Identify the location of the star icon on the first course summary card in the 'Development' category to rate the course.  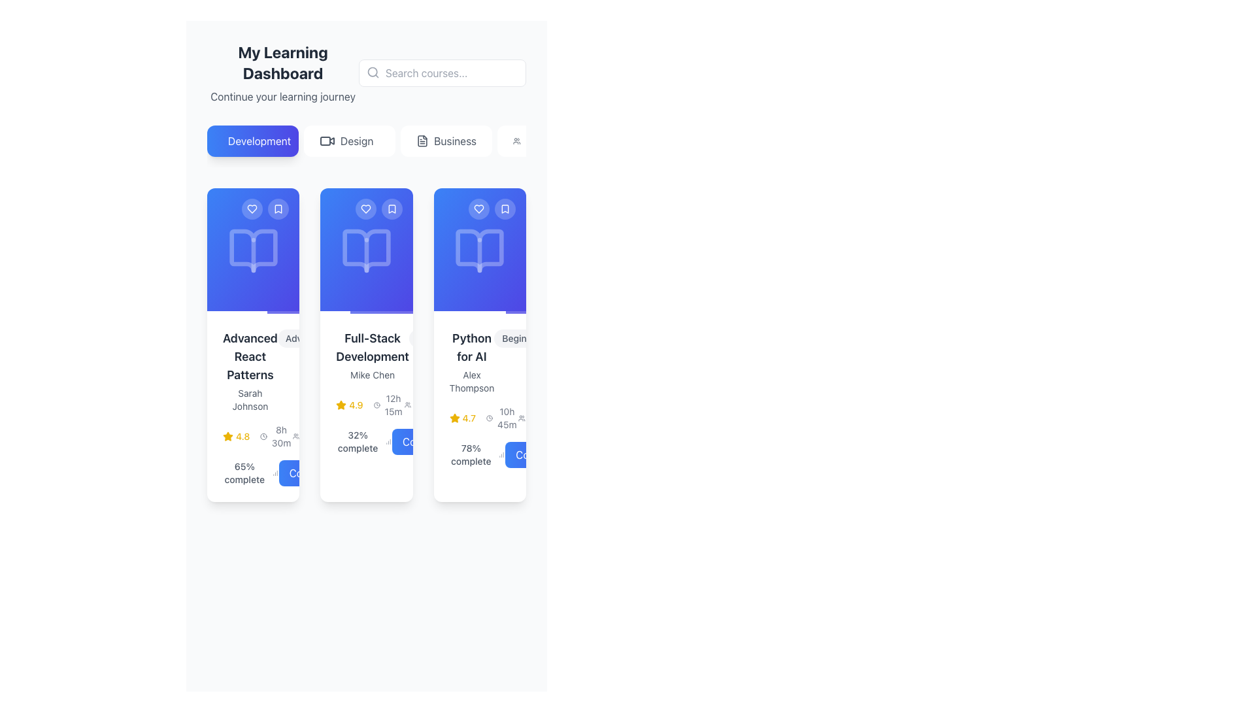
(253, 407).